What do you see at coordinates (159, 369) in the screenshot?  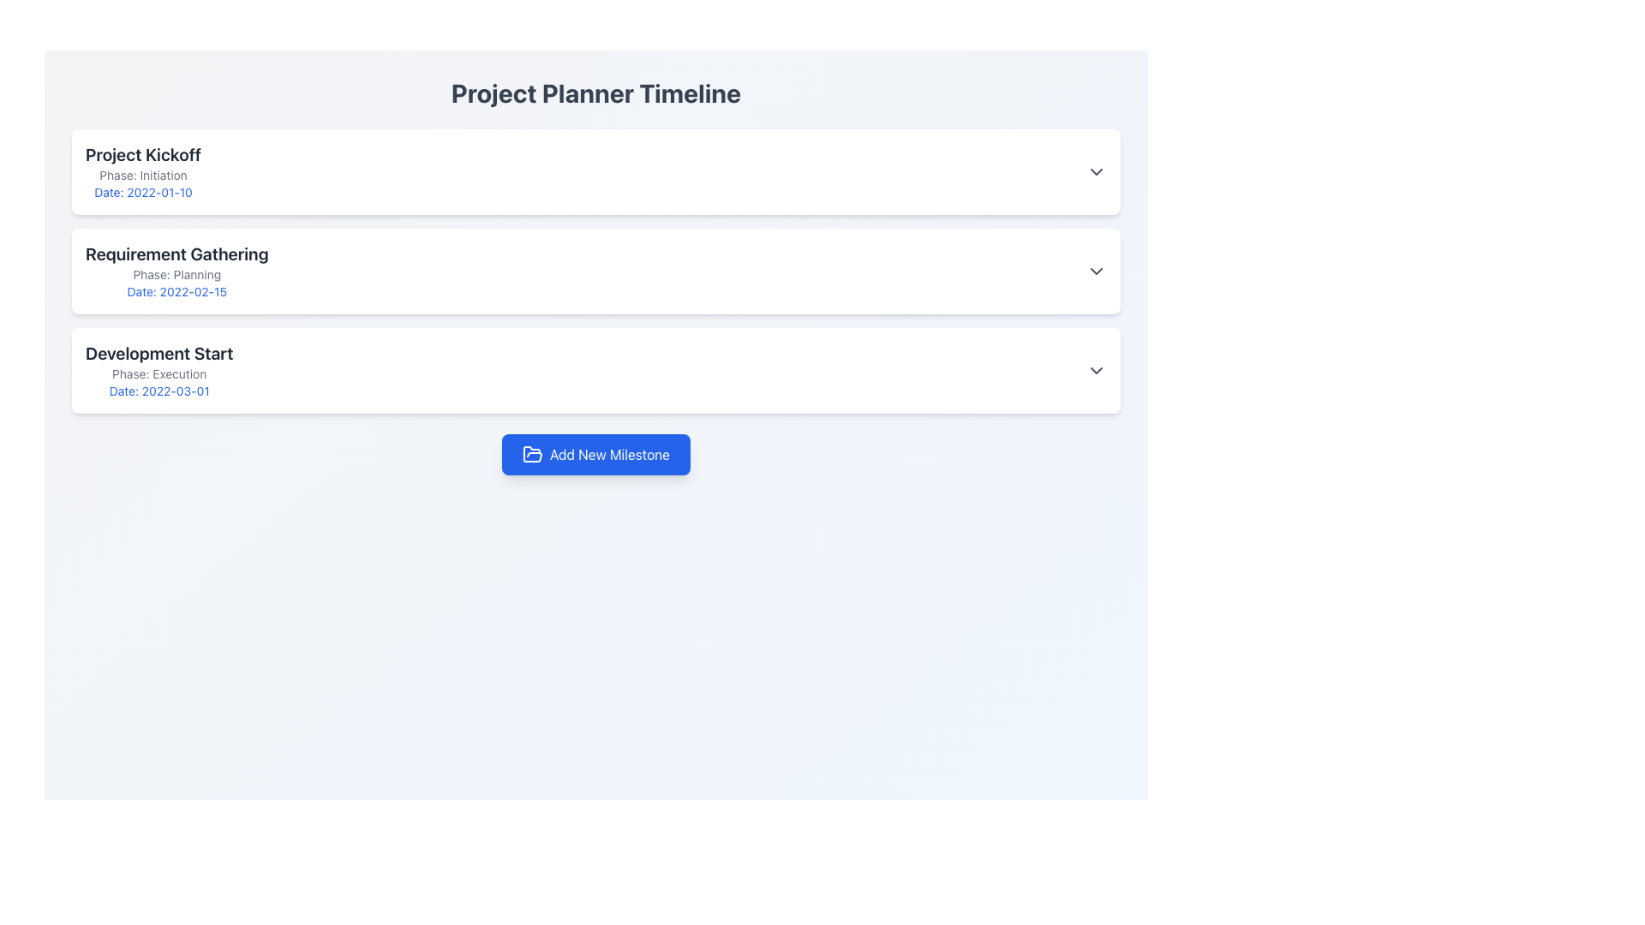 I see `the static text block titled 'Development Start'` at bounding box center [159, 369].